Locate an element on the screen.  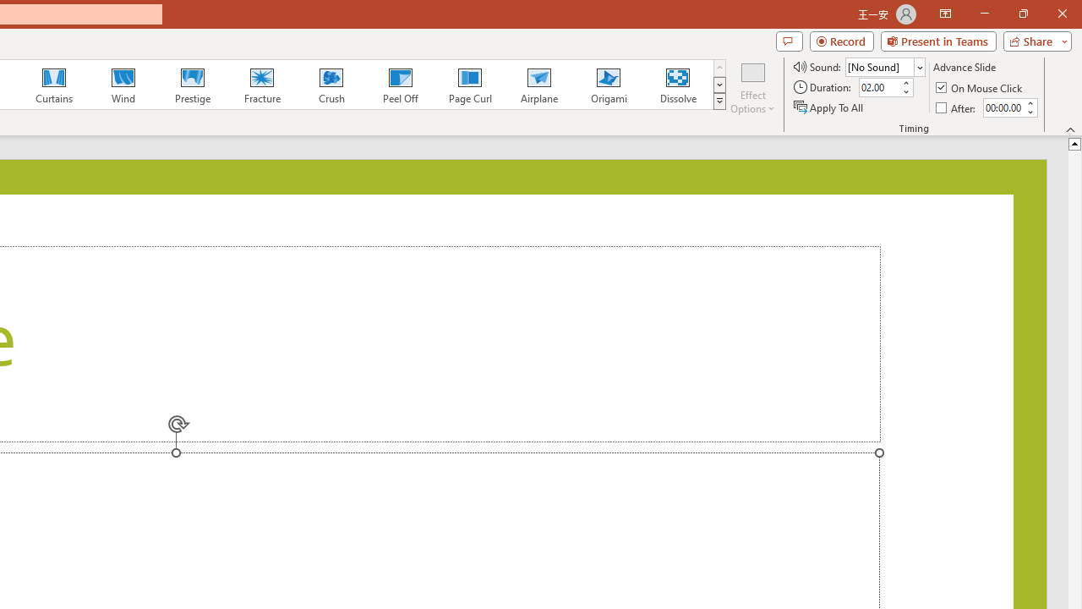
'Airplane' is located at coordinates (538, 85).